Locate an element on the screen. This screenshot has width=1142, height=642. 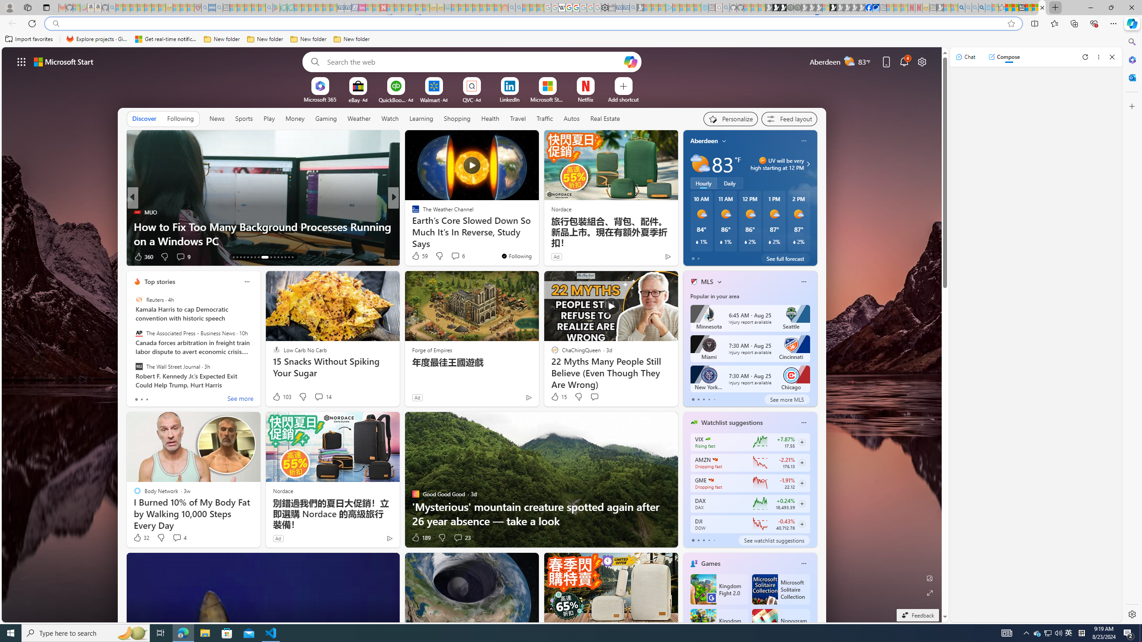
'UV will be very high starting at 12 PM' is located at coordinates (806, 164).